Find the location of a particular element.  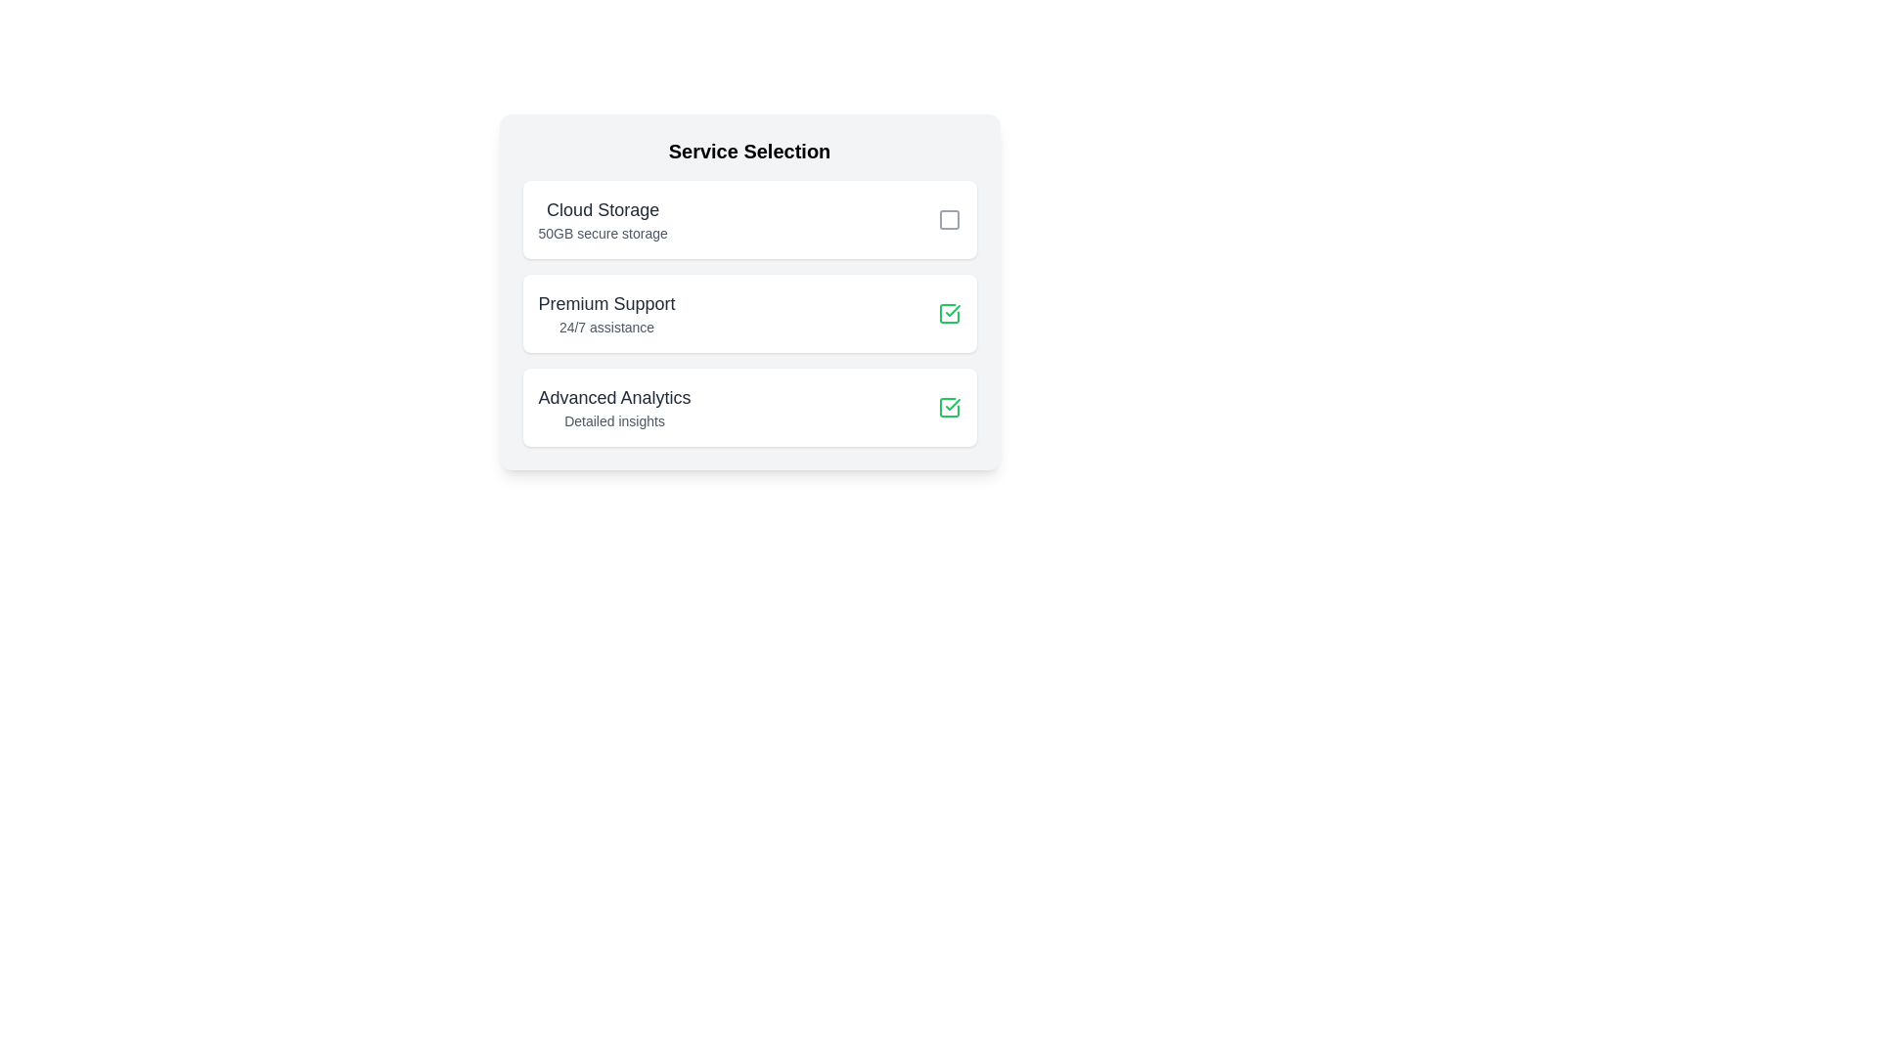

checkmark icon within the green-bordered square located in the 'Premium Support' section of the 'Service Selection' interface is located at coordinates (953, 309).